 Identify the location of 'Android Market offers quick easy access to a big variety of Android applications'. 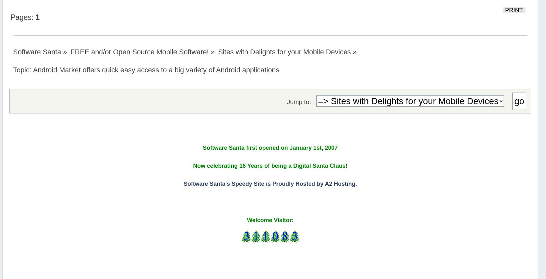
(156, 70).